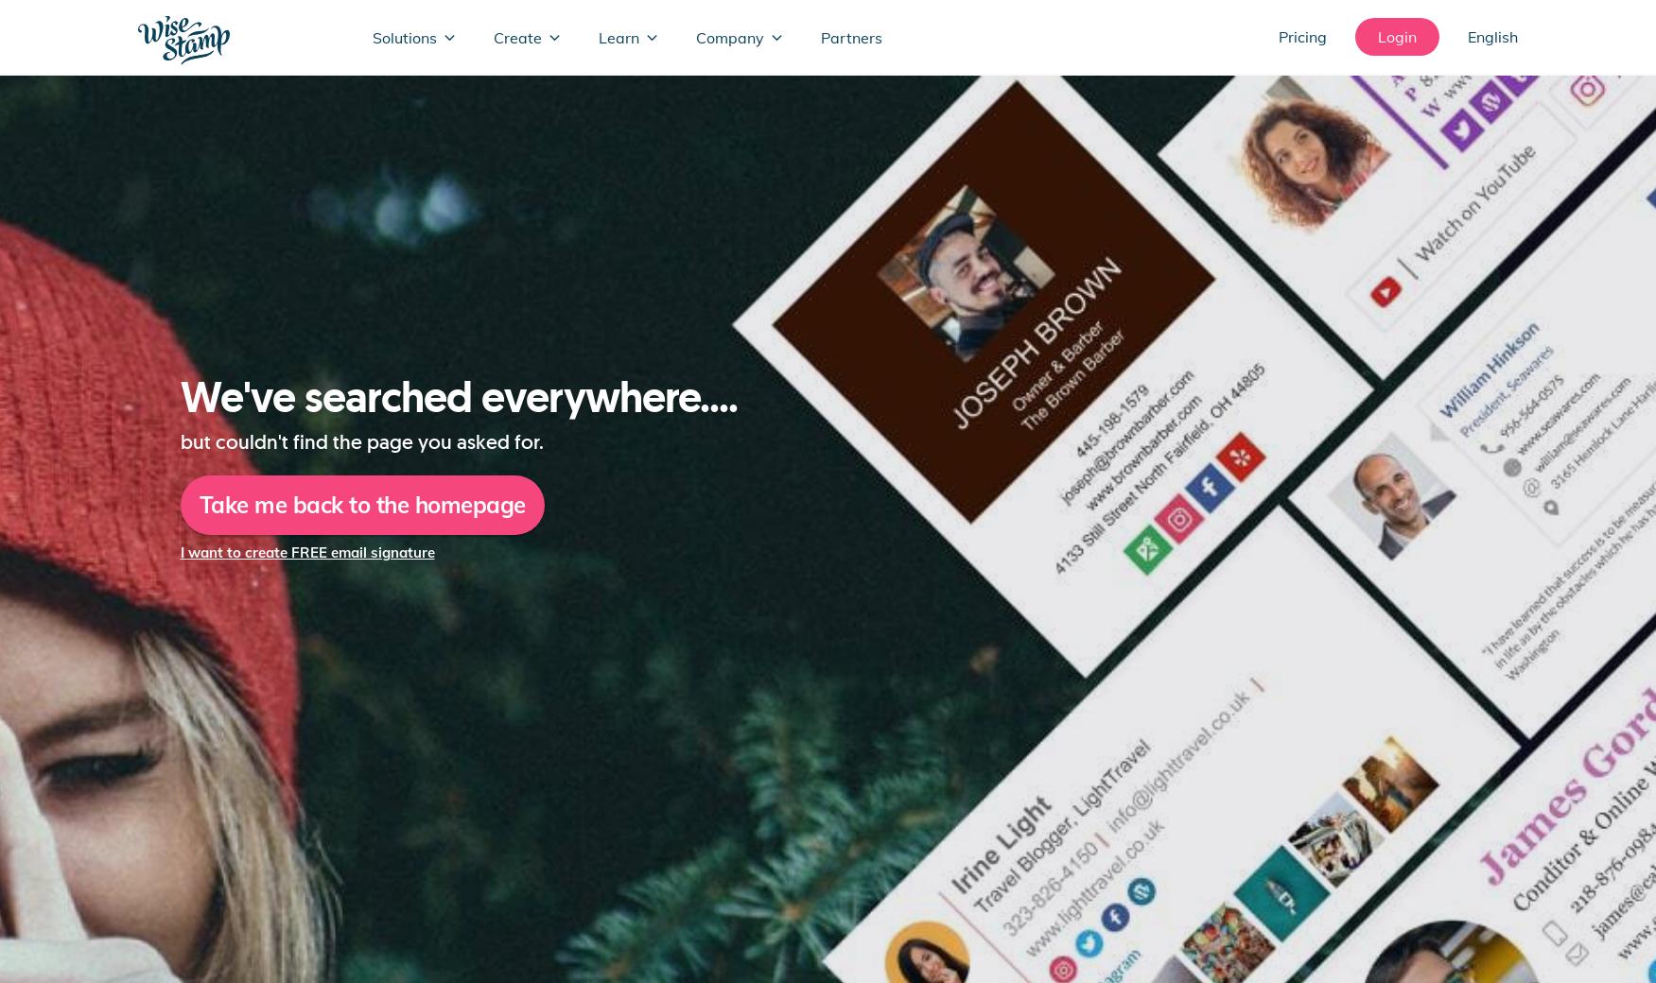  I want to click on 'English', so click(1467, 36).